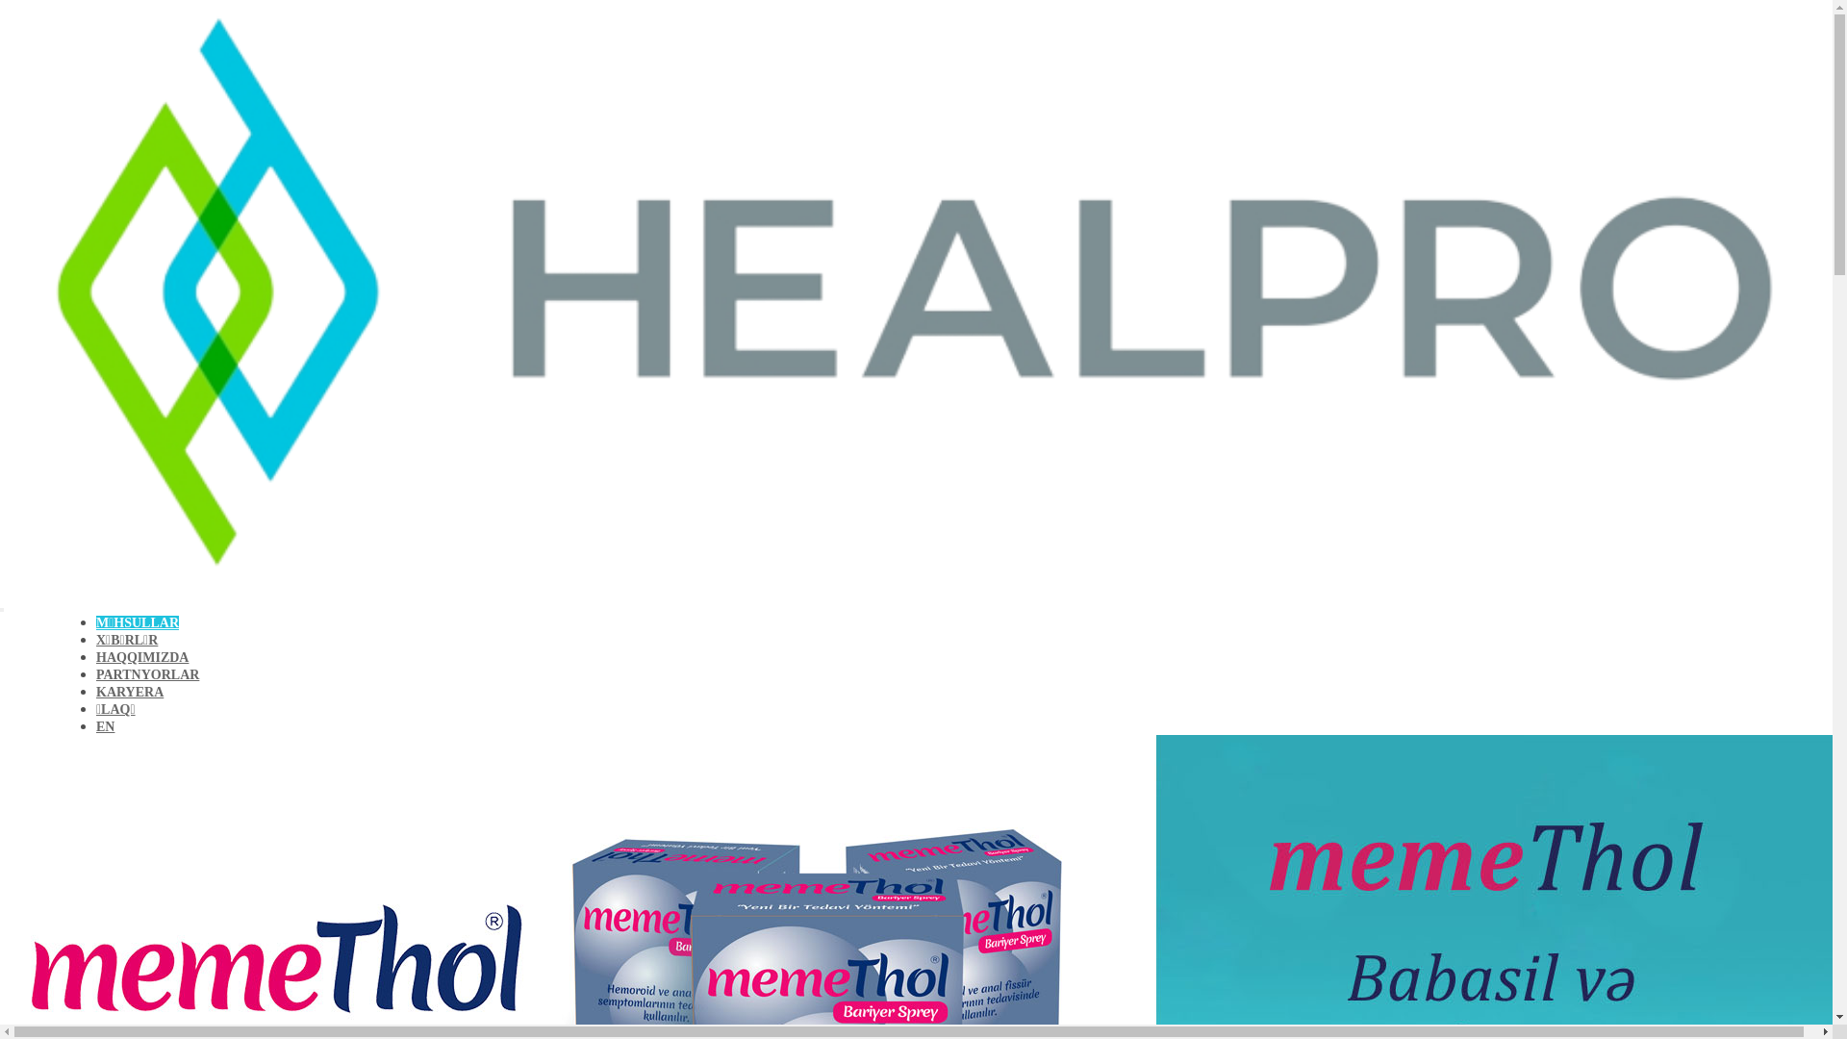  Describe the element at coordinates (104, 726) in the screenshot. I see `'EN'` at that location.